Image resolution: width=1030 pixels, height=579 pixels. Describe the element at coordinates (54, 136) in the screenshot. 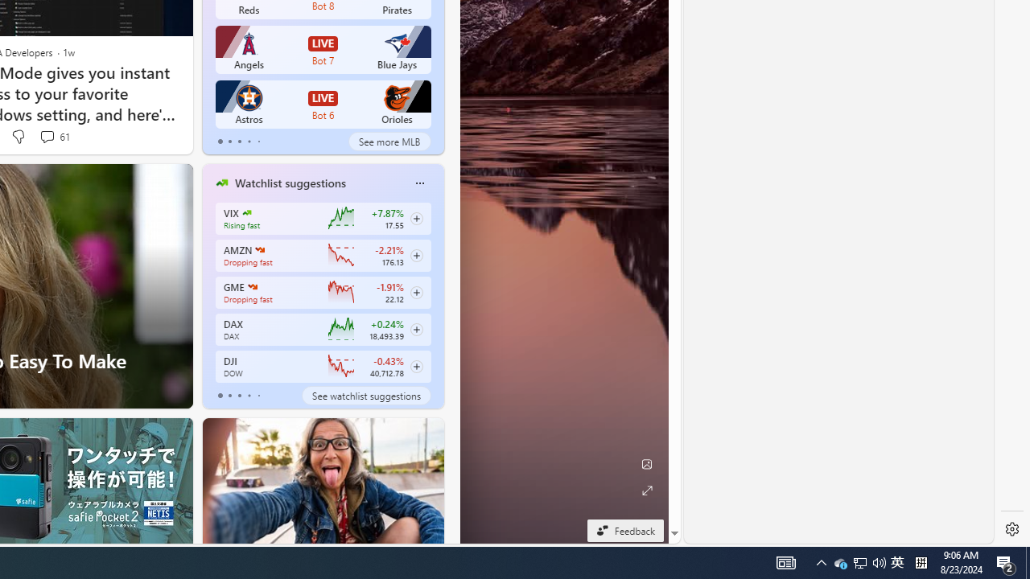

I see `'View comments 61 Comment'` at that location.